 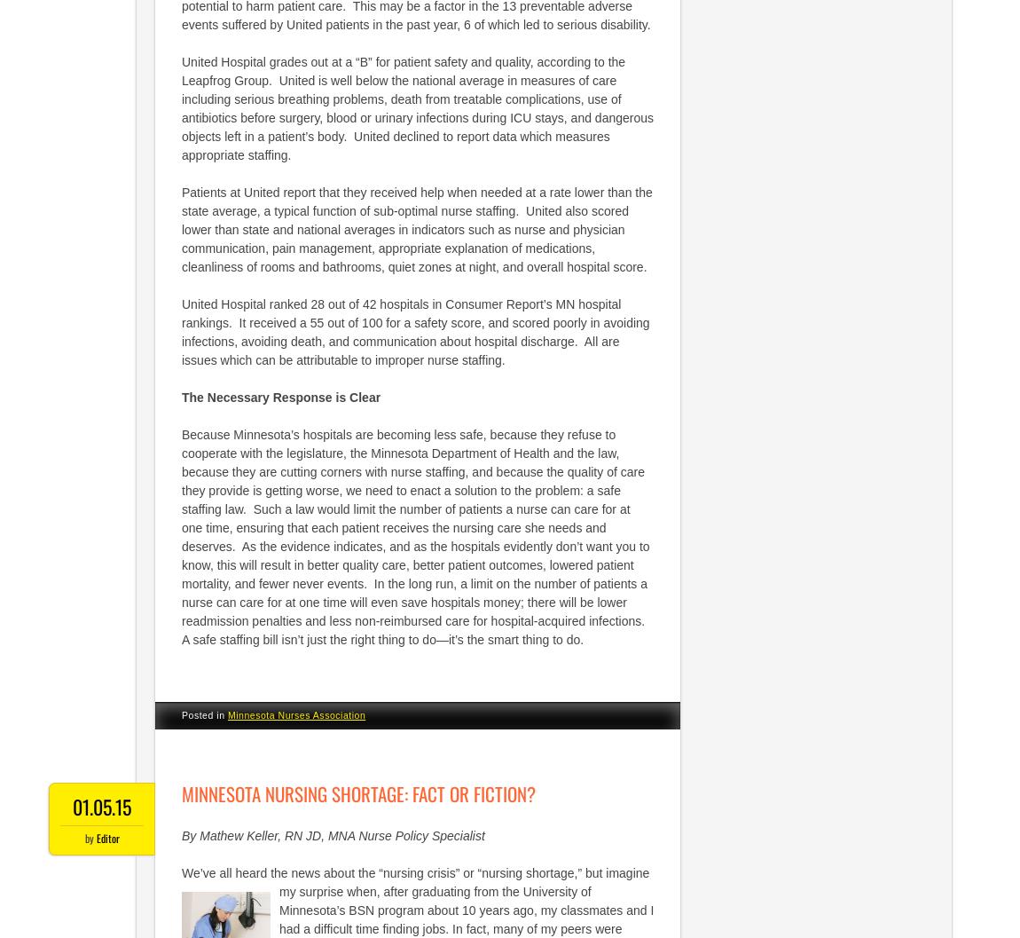 I want to click on 'Because Minnesota’s hospitals are becoming less safe, because they refuse to cooperate with the legislature, the Minnesota Department of Health and the law, because they are cutting corners with nurse staffing, and because the quality of care they provide is getting worse, we need to enact a solution to the problem: a safe staffing law.  Such a law would limit the number of patients a nurse can care for at one time, ensuring that each patient receives the nursing care she needs and deserves.  As the evidence indicates, and as the hospitals evidently don’t want you to know, this will result in better quality care, better patient outcomes, lowered patient mortality, and fewer never events.  In the long run, a limit on the number of patients a nurse can care for at one time will even save hospitals money; there will be lower readmission penalties and less non-reimbursed care for hospital-acquired infections.  A safe staffing bill isn’t just the right thing to do—it’s the smart thing to do.', so click(x=181, y=536).